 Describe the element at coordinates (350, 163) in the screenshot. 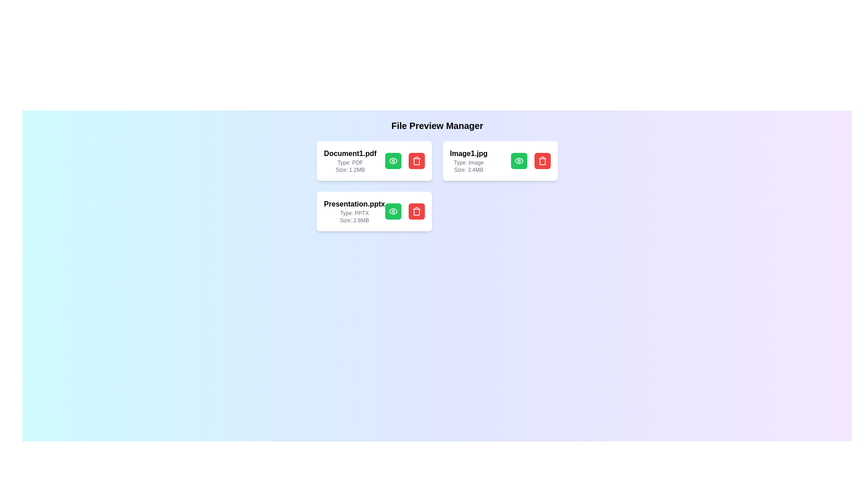

I see `text label indicating the file type of the document, which is positioned below 'Document1.pdf' and above 'Size: 1.2MB'` at that location.